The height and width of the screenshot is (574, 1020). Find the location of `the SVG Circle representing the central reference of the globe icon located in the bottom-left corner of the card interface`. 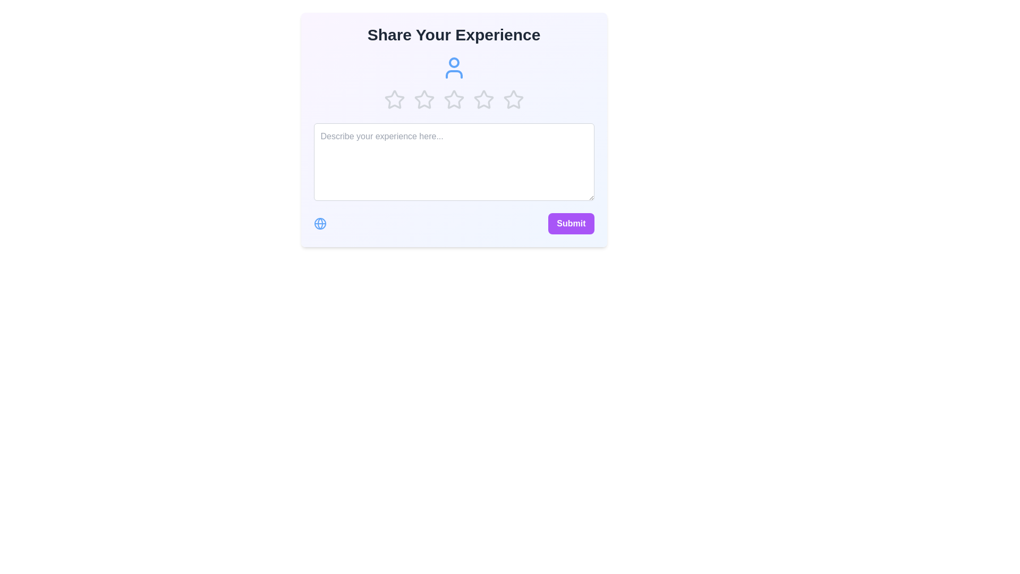

the SVG Circle representing the central reference of the globe icon located in the bottom-left corner of the card interface is located at coordinates (319, 223).